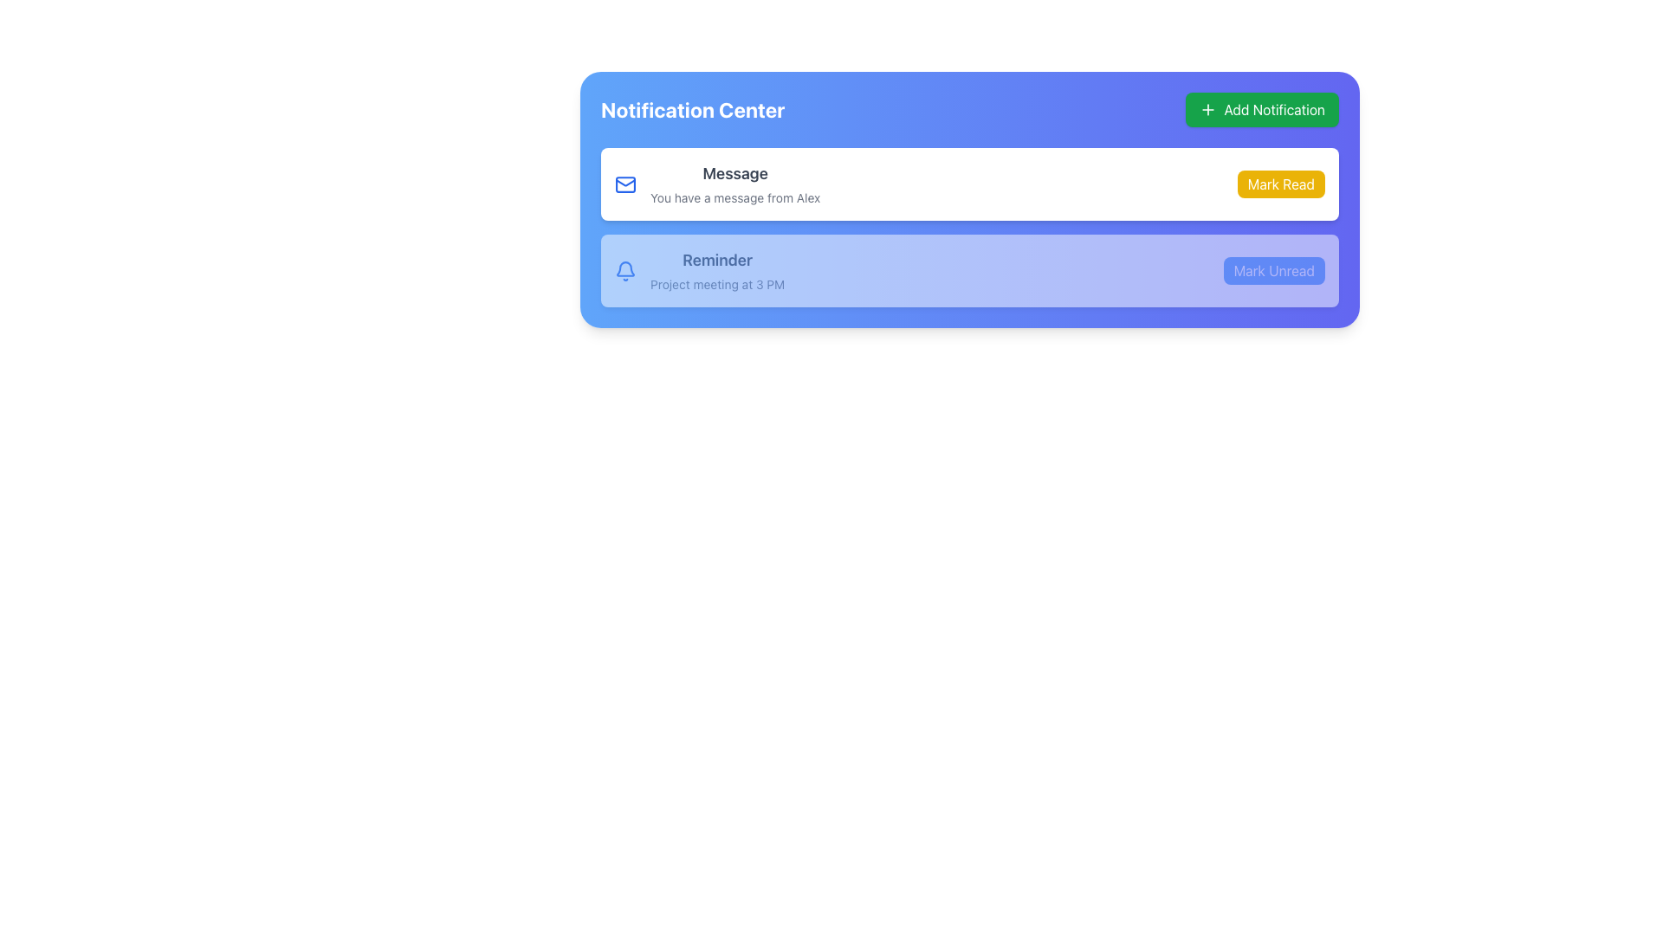 This screenshot has width=1663, height=935. I want to click on bold text label 'Reminder' which is prominently displayed in gray color at the top of the notification card, located in the lower half of the notification panel, so click(717, 260).